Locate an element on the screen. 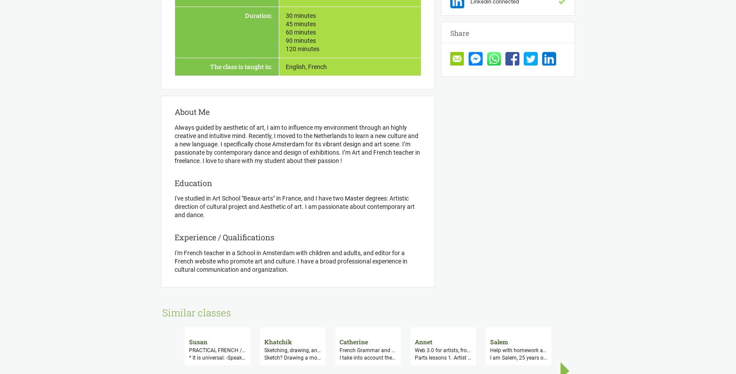  'Camille' is located at coordinates (565, 341).